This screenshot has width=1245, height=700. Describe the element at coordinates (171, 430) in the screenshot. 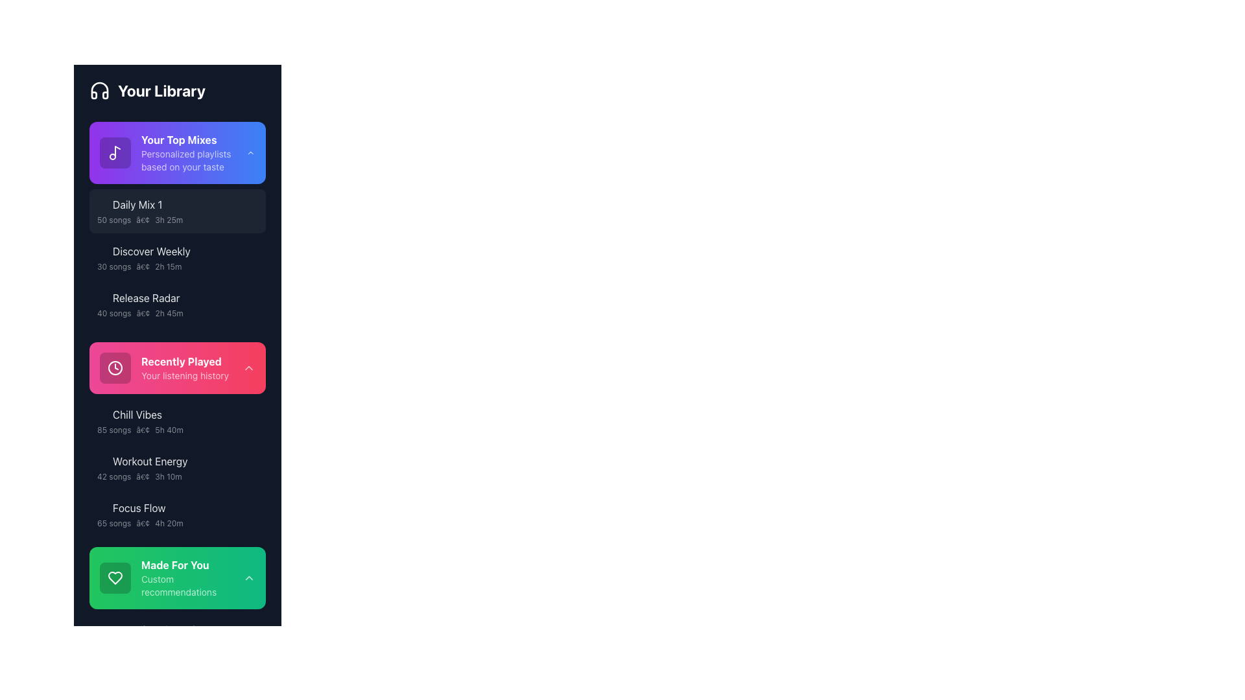

I see `the text label that provides additional information about the 'Chill Vibes' playlist, which is located beneath the 'Chill Vibes' label in the music categories list` at that location.